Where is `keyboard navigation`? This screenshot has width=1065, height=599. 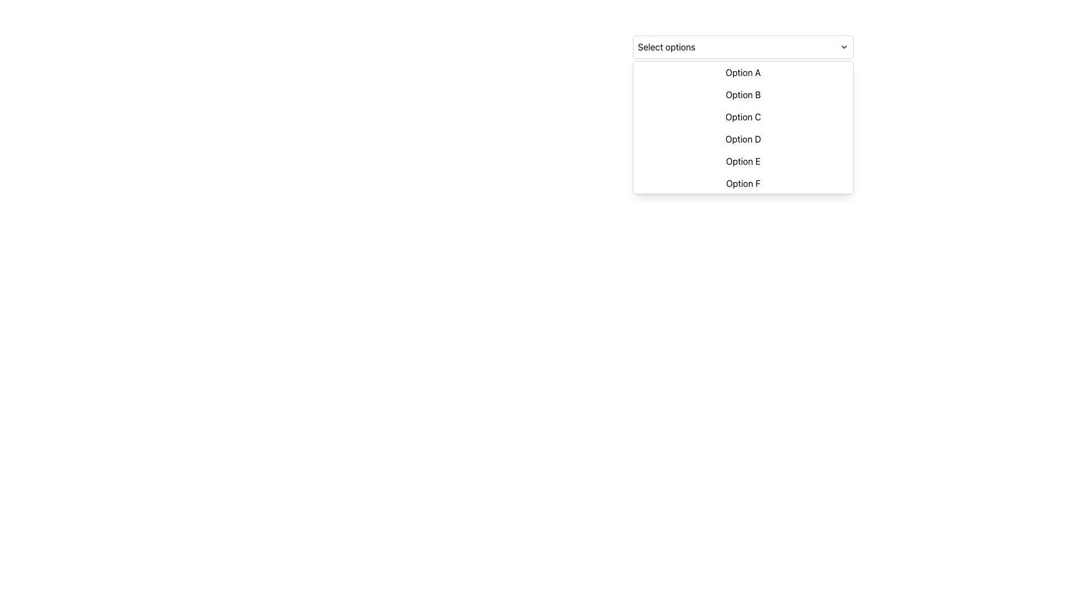
keyboard navigation is located at coordinates (743, 73).